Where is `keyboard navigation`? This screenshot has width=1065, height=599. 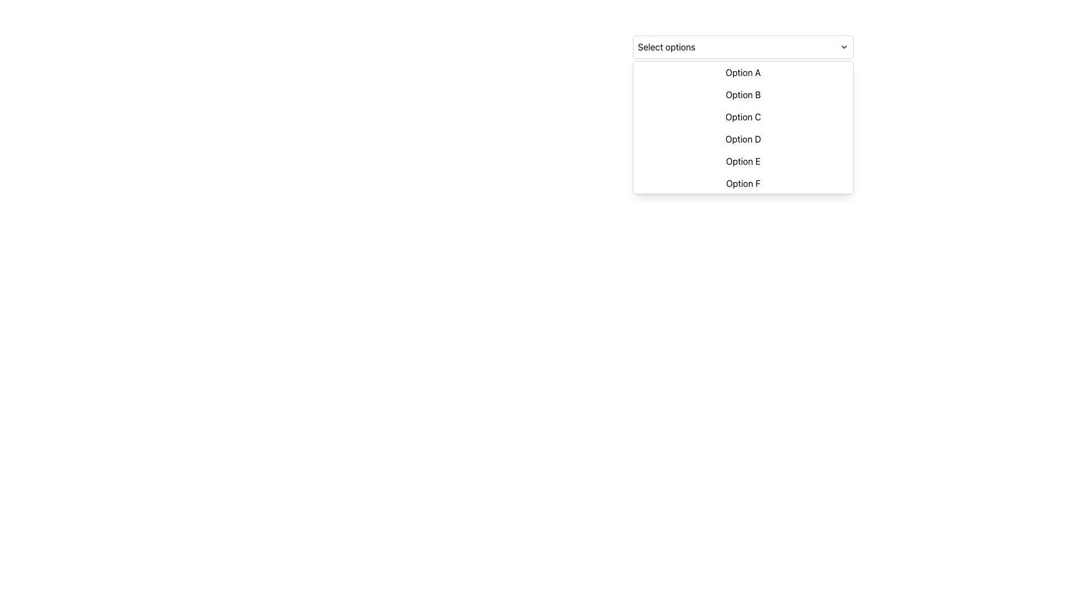
keyboard navigation is located at coordinates (743, 73).